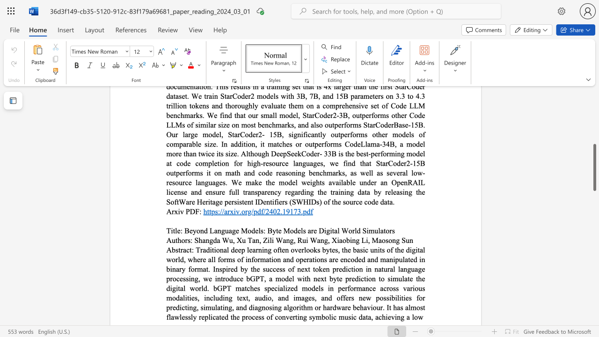 Image resolution: width=599 pixels, height=337 pixels. What do you see at coordinates (338, 316) in the screenshot?
I see `the subset text "mus" within the text "replicated the process of converting symbolic music data, achieving a low"` at bounding box center [338, 316].